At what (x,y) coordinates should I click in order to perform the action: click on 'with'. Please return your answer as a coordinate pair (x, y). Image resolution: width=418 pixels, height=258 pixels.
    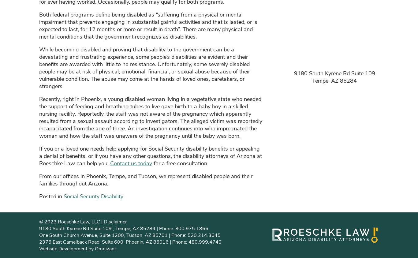
    Looking at the image, I should click on (92, 64).